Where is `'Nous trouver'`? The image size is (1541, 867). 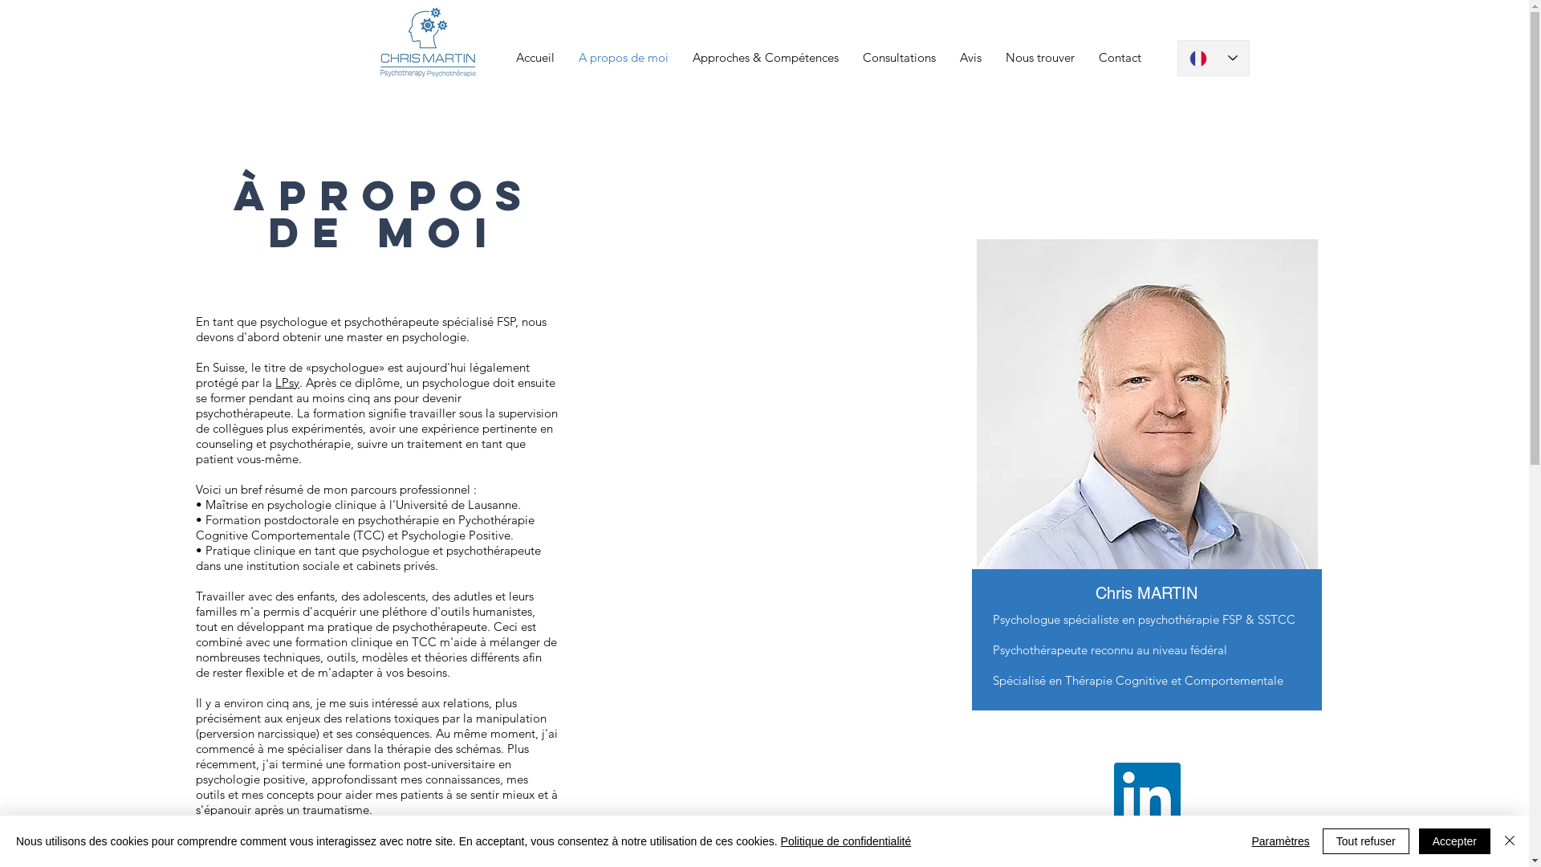
'Nous trouver' is located at coordinates (1040, 57).